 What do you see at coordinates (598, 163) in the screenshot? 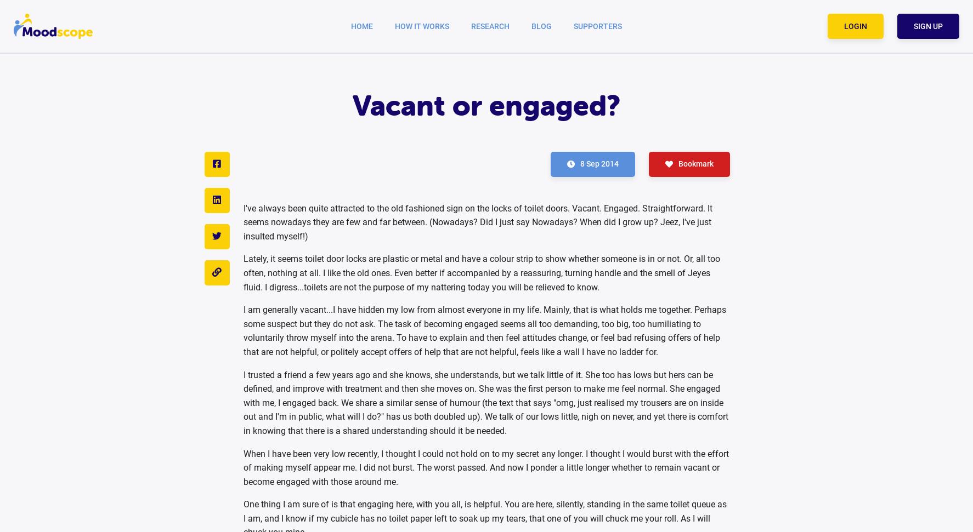
I see `'8 Sep 2014'` at bounding box center [598, 163].